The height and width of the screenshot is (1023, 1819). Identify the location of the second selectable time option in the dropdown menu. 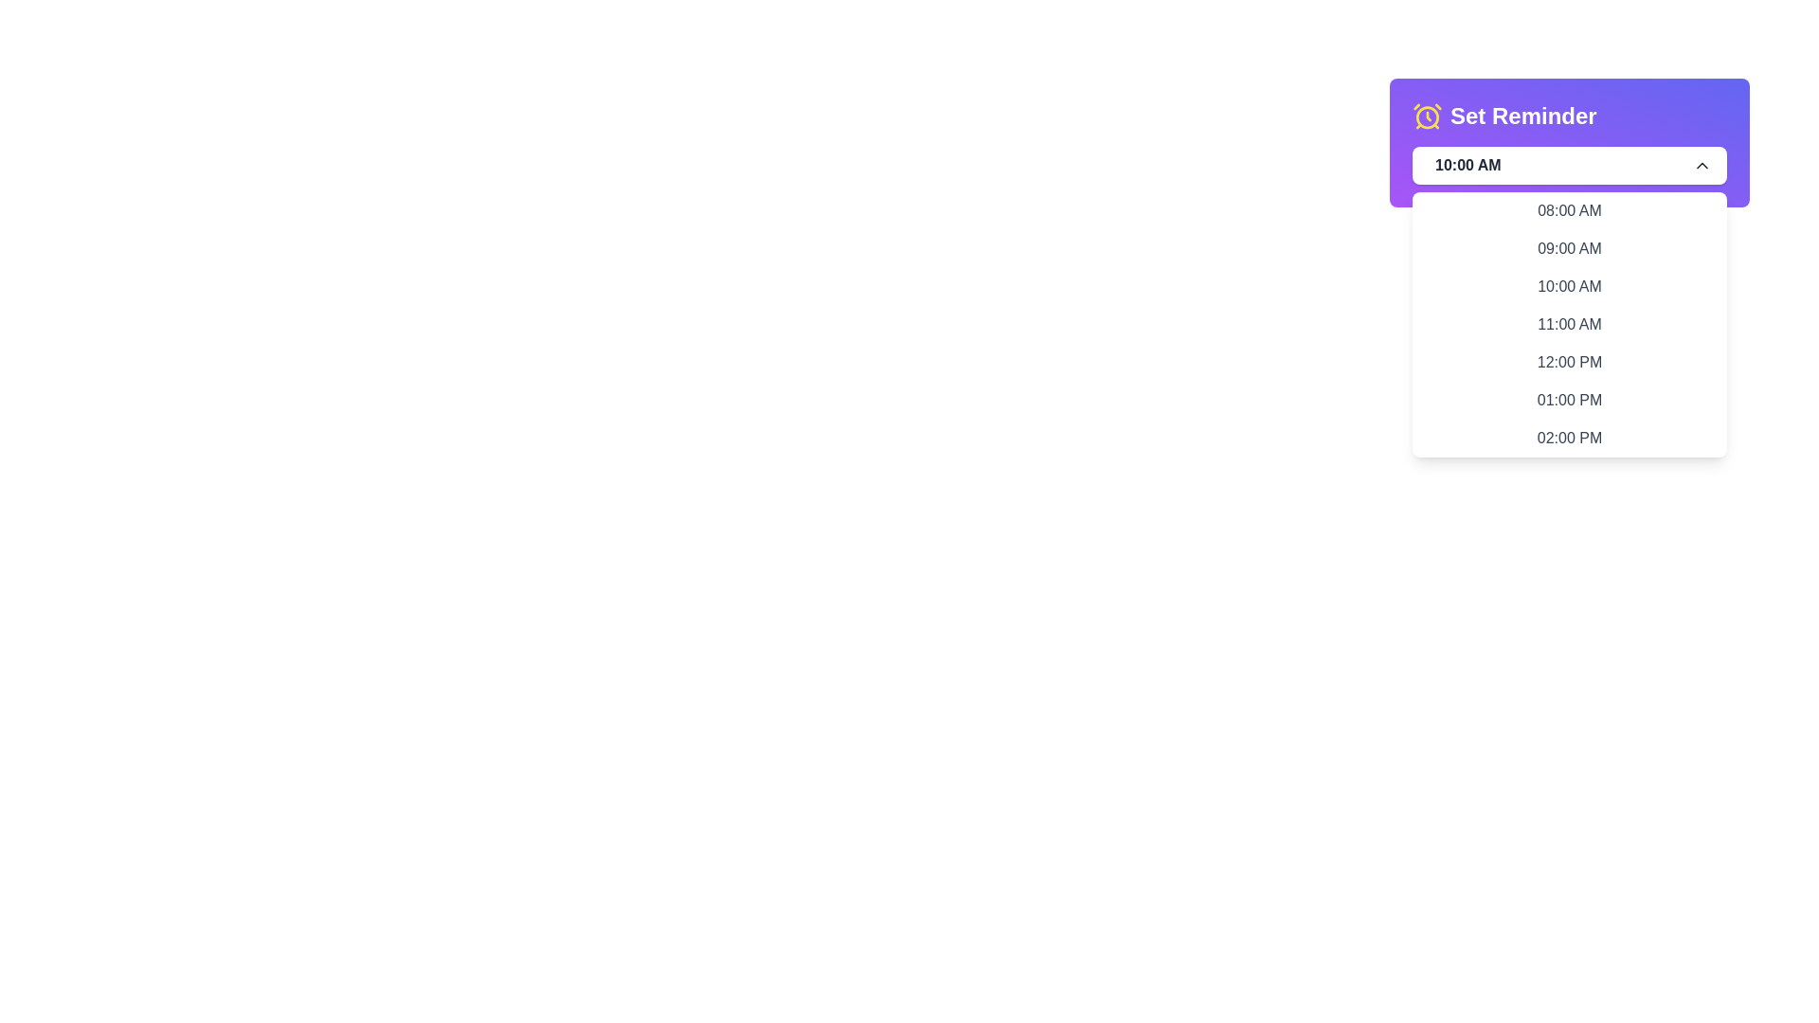
(1569, 247).